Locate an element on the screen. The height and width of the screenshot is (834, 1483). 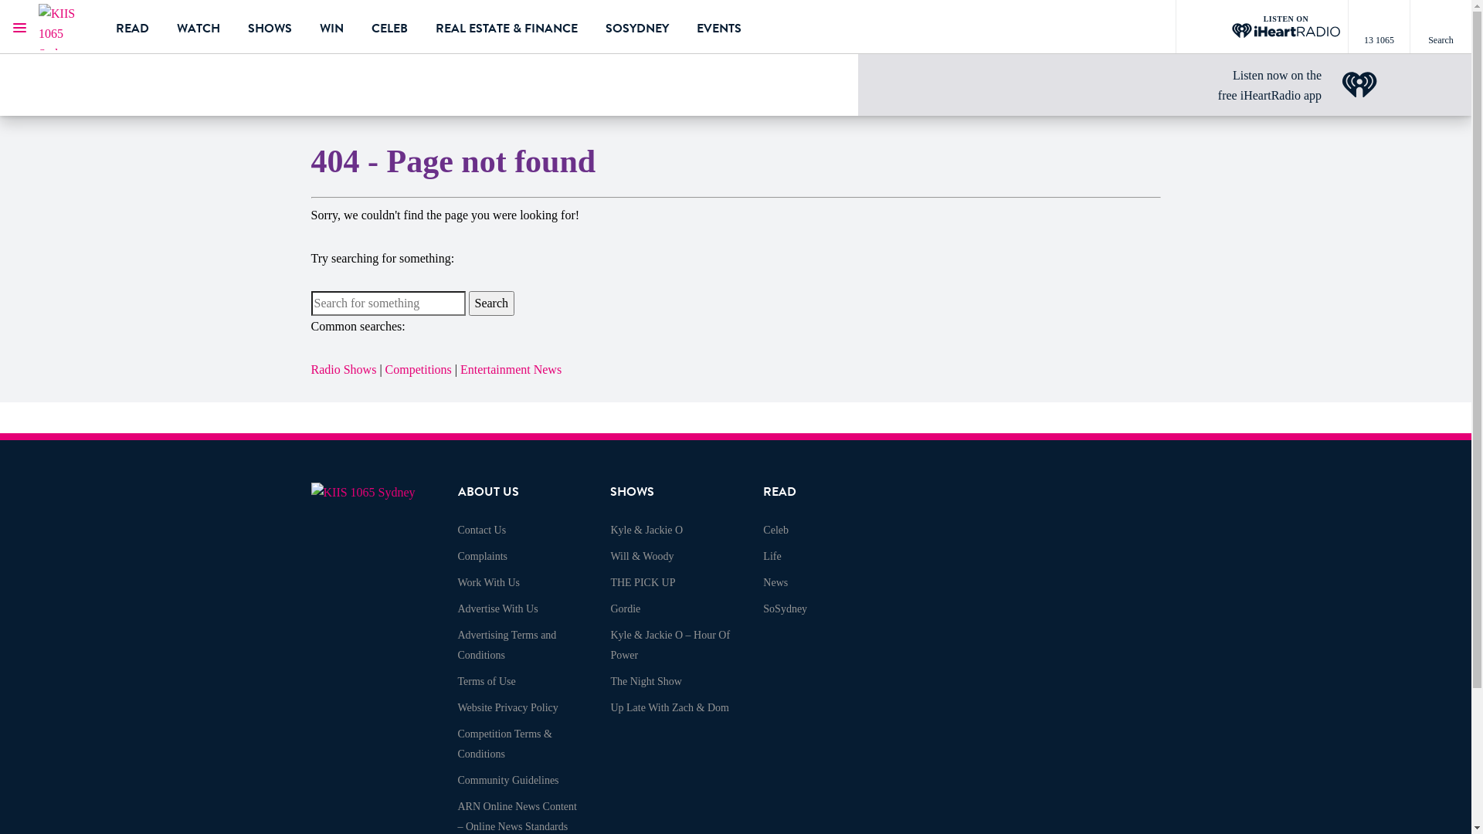
'13 1065' is located at coordinates (1347, 26).